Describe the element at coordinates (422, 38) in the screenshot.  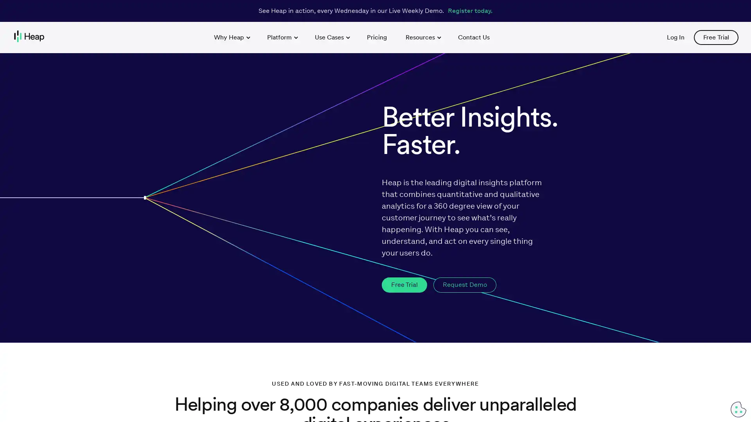
I see `Resources` at that location.